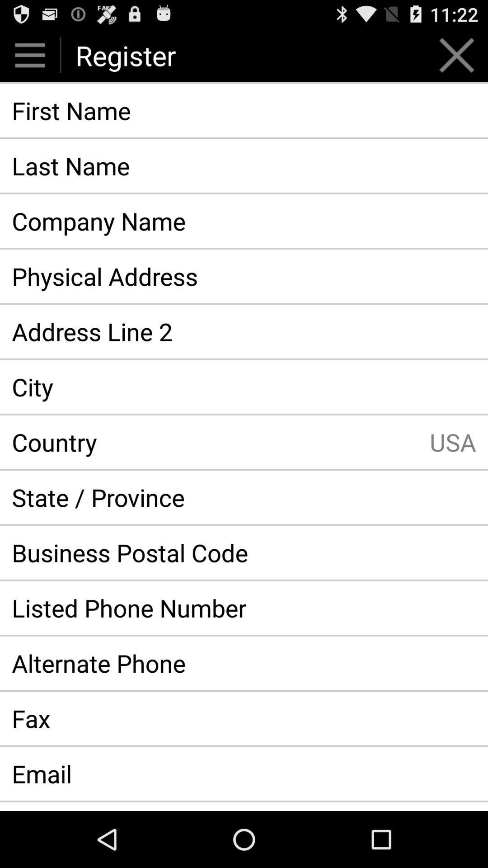  What do you see at coordinates (456, 55) in the screenshot?
I see `the icon which is next to the register` at bounding box center [456, 55].